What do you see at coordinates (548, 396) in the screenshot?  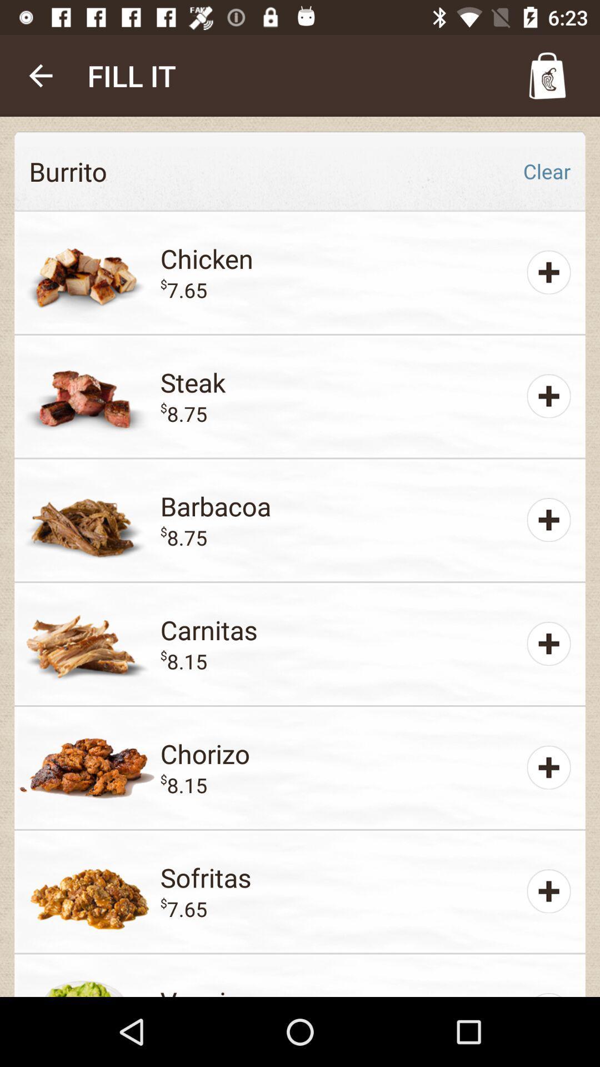 I see `the plus symbol right to steak` at bounding box center [548, 396].